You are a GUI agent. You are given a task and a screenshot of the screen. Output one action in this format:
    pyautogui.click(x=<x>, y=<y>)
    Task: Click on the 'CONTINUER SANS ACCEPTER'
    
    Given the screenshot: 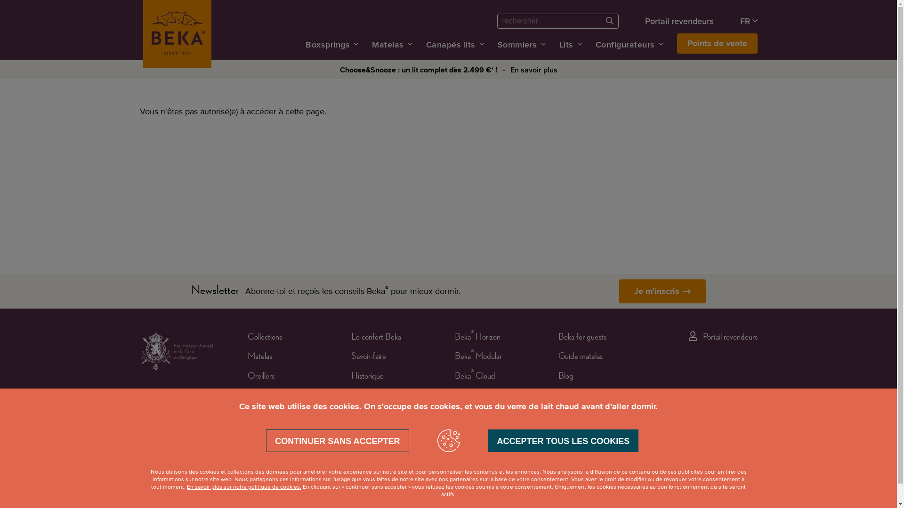 What is the action you would take?
    pyautogui.click(x=337, y=441)
    